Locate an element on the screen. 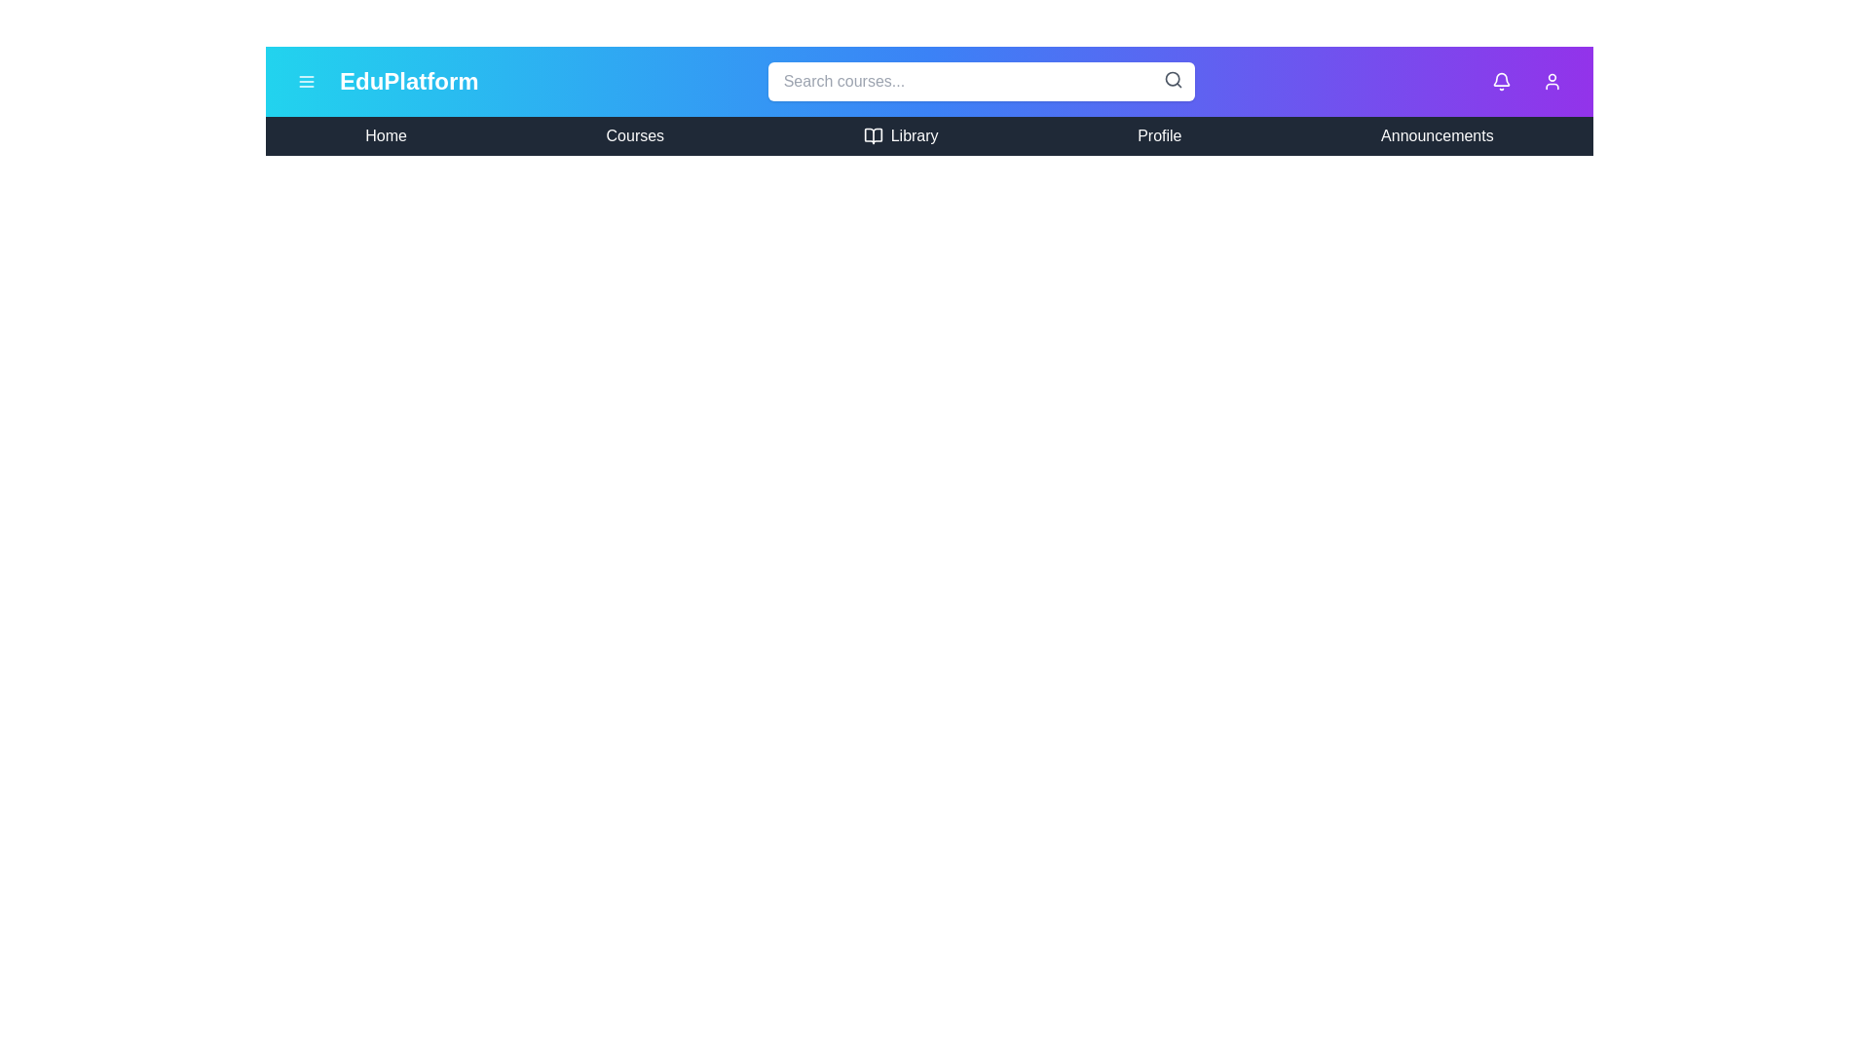  the menu item Home to navigate to the corresponding section is located at coordinates (386, 134).